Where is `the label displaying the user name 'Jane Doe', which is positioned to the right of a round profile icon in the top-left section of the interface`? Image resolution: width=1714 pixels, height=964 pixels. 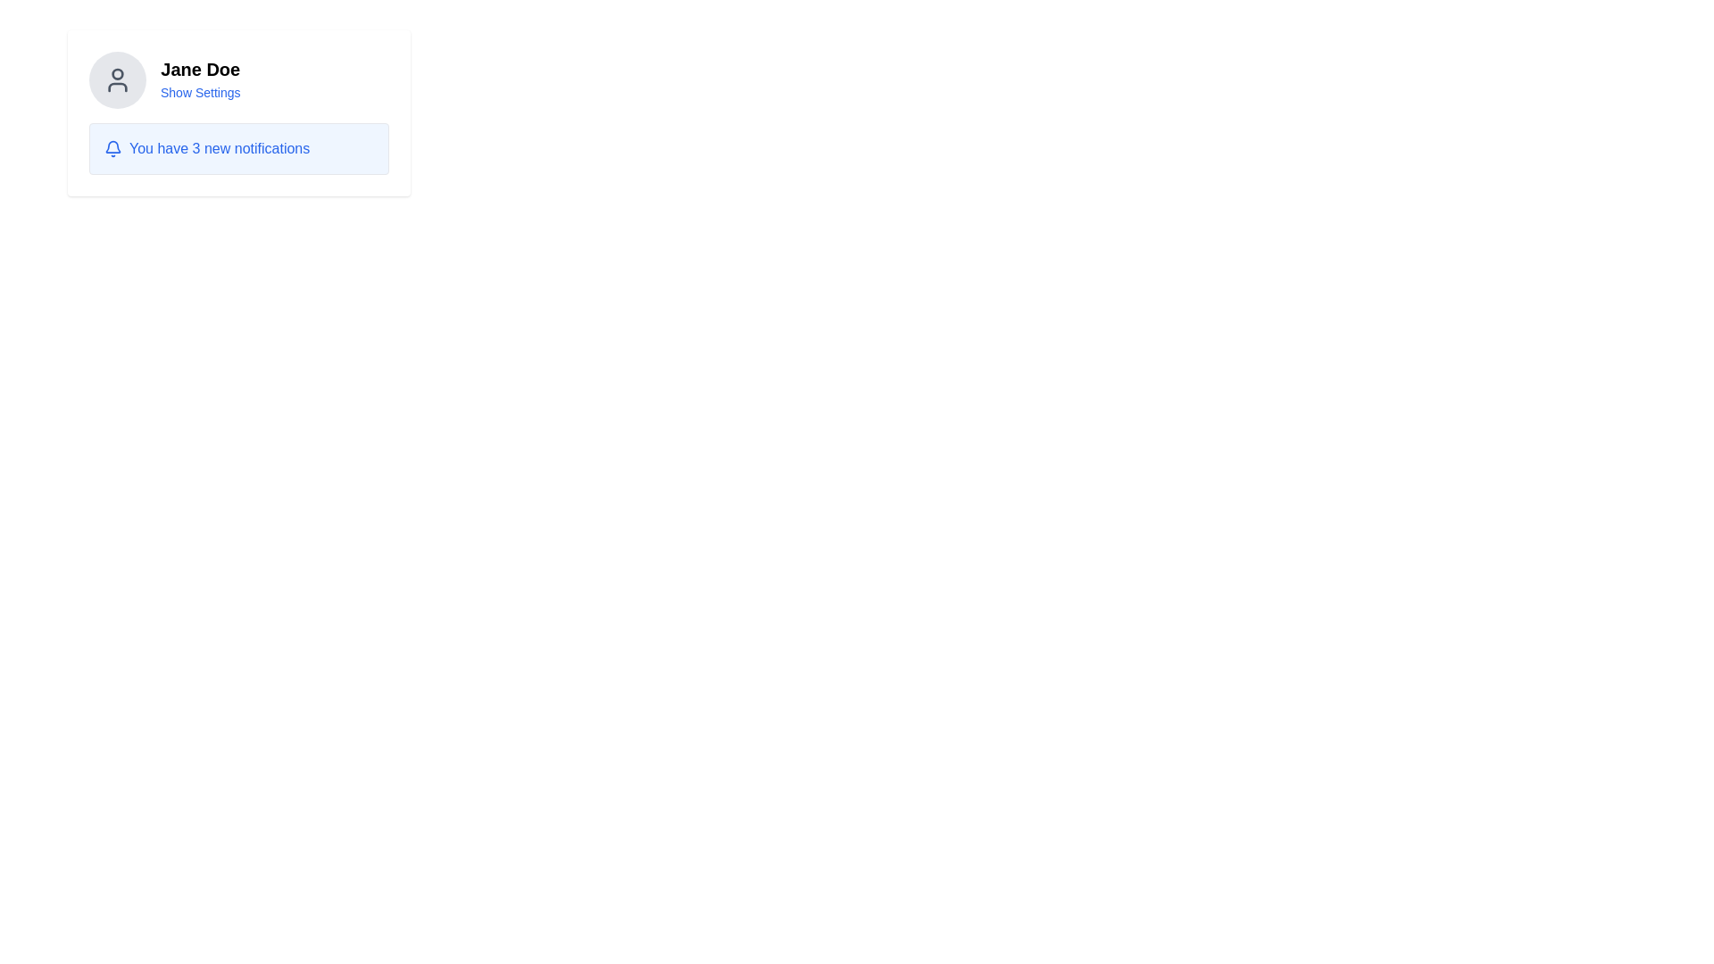
the label displaying the user name 'Jane Doe', which is positioned to the right of a round profile icon in the top-left section of the interface is located at coordinates (200, 68).